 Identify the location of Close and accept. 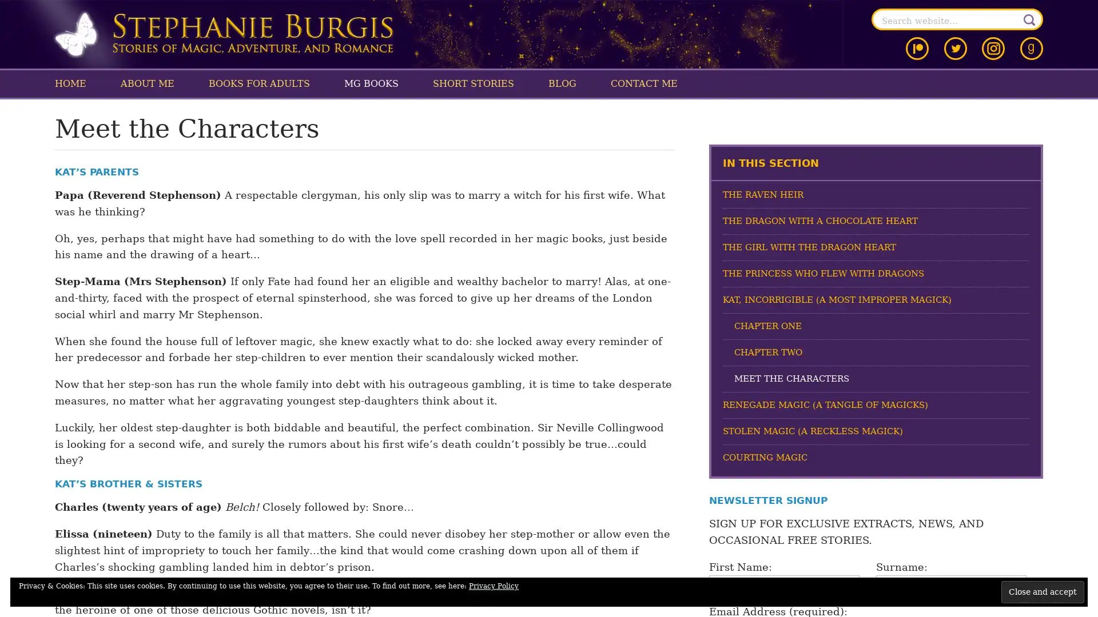
(1043, 591).